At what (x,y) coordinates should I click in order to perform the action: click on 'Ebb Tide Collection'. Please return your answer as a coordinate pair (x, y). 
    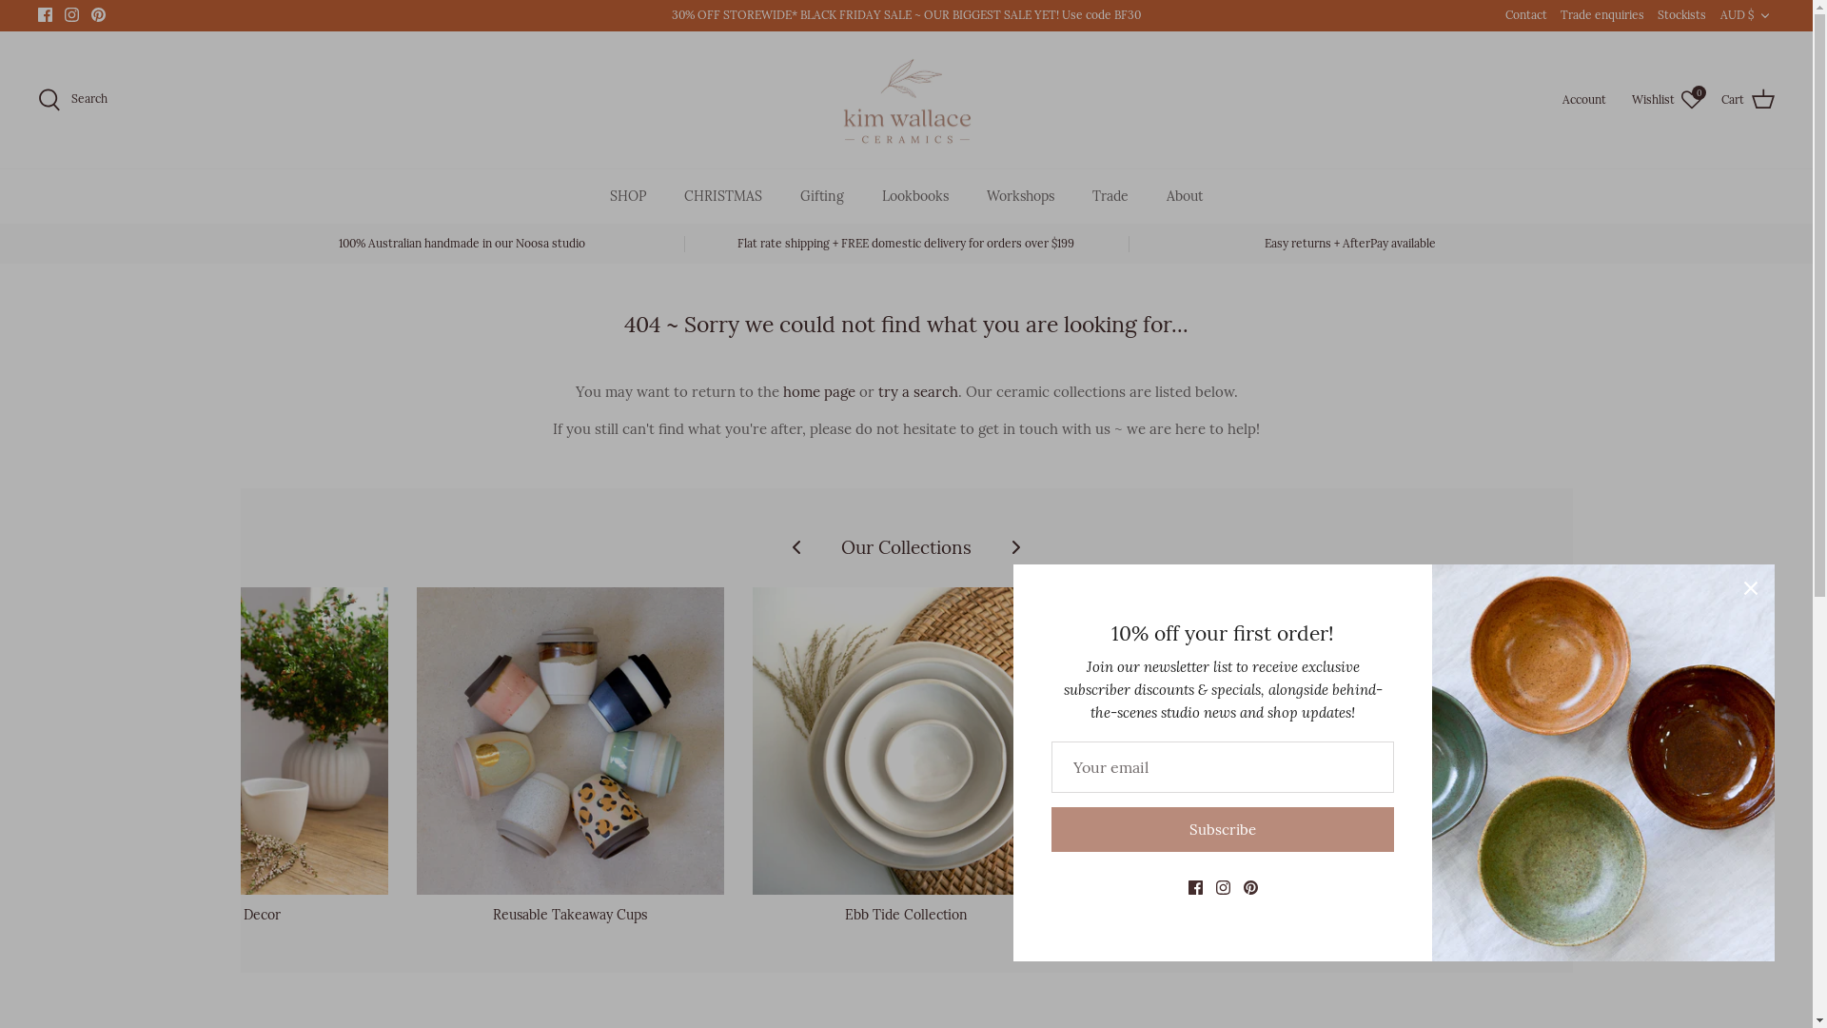
    Looking at the image, I should click on (905, 755).